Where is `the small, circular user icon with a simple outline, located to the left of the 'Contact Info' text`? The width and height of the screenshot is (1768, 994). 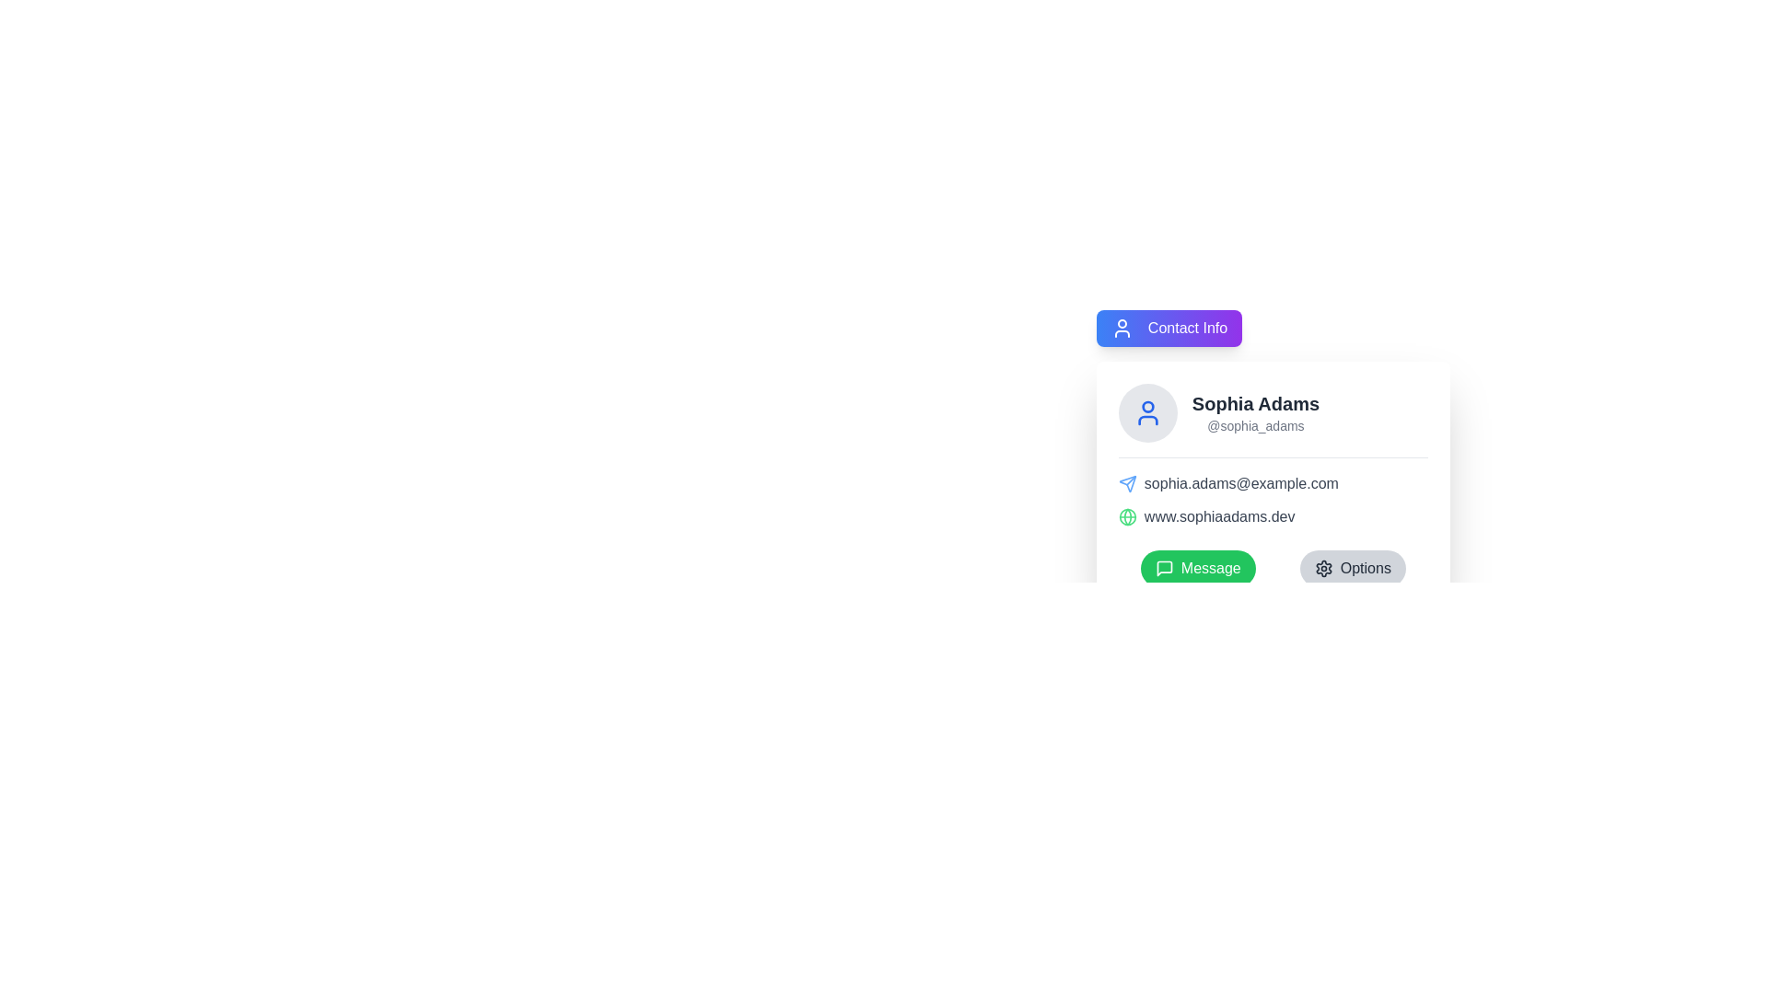 the small, circular user icon with a simple outline, located to the left of the 'Contact Info' text is located at coordinates (1121, 328).